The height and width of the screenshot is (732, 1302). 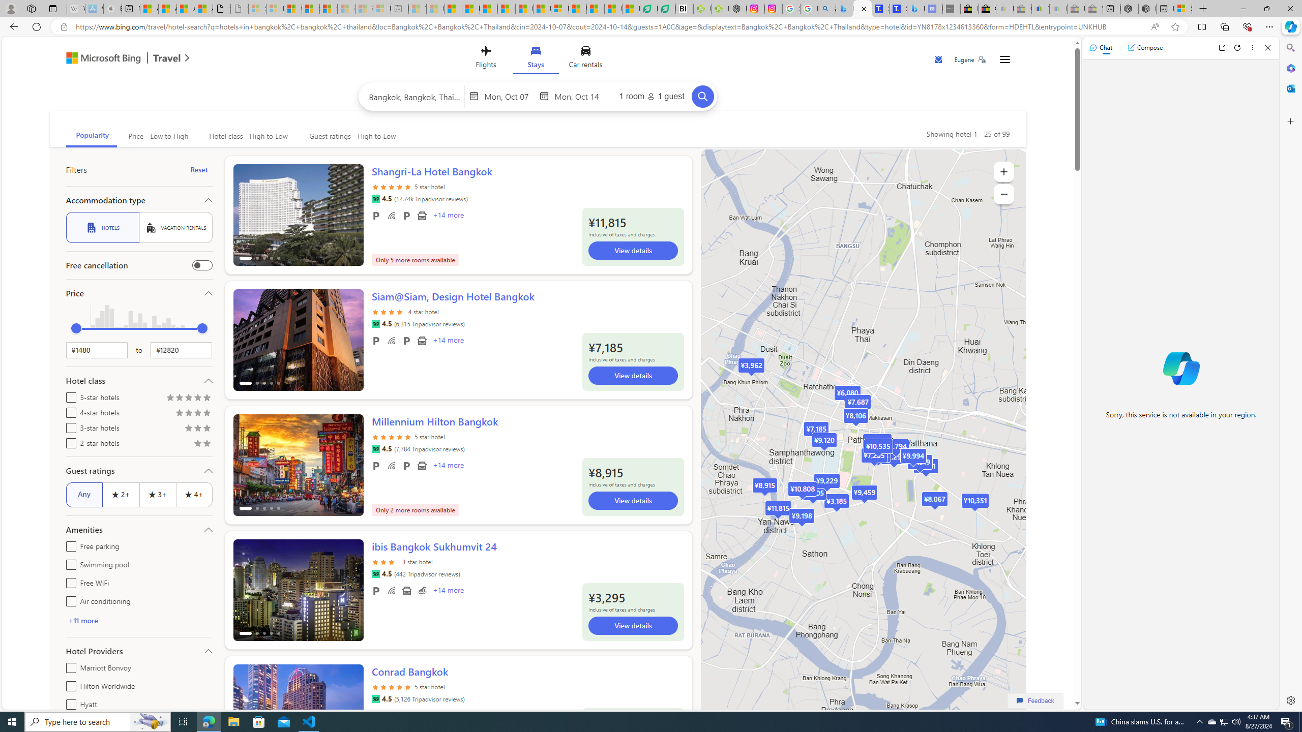 I want to click on 'Travel', so click(x=166, y=58).